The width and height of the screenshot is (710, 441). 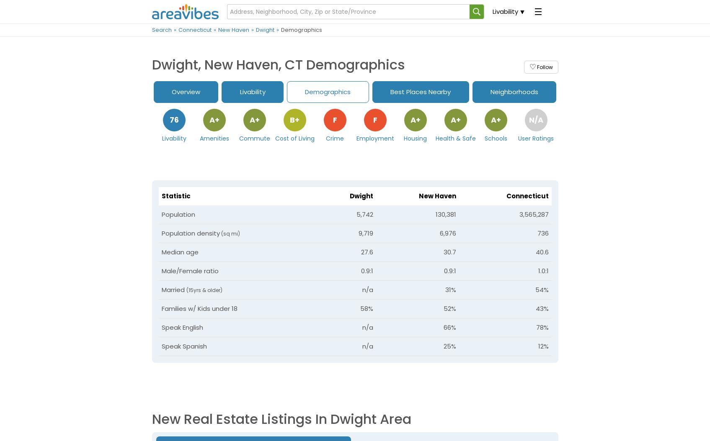 What do you see at coordinates (186, 290) in the screenshot?
I see `'(15yrs & older)'` at bounding box center [186, 290].